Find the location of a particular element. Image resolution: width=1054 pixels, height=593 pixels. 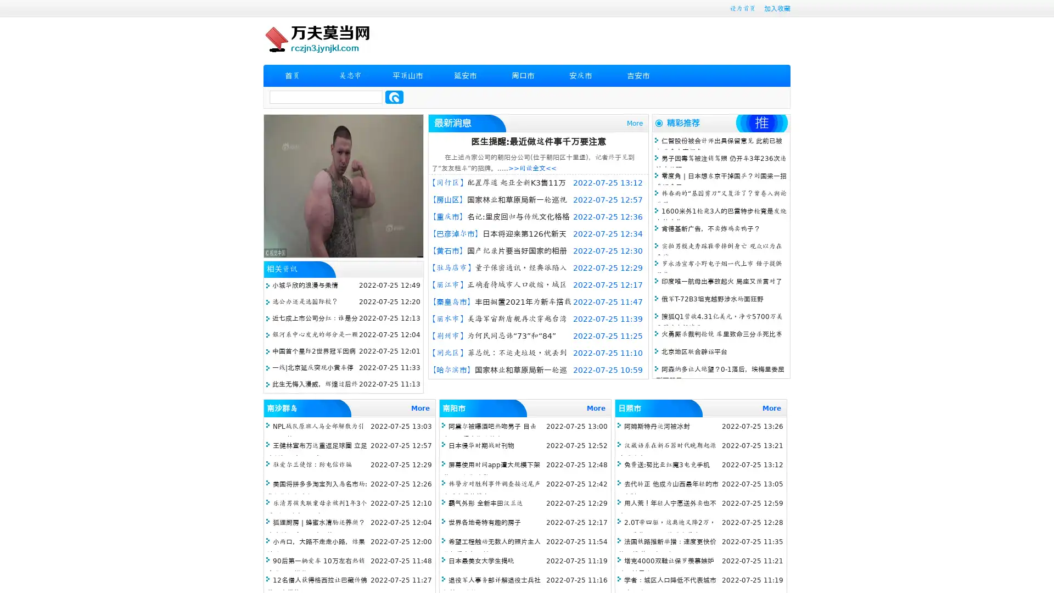

Search is located at coordinates (394, 97).